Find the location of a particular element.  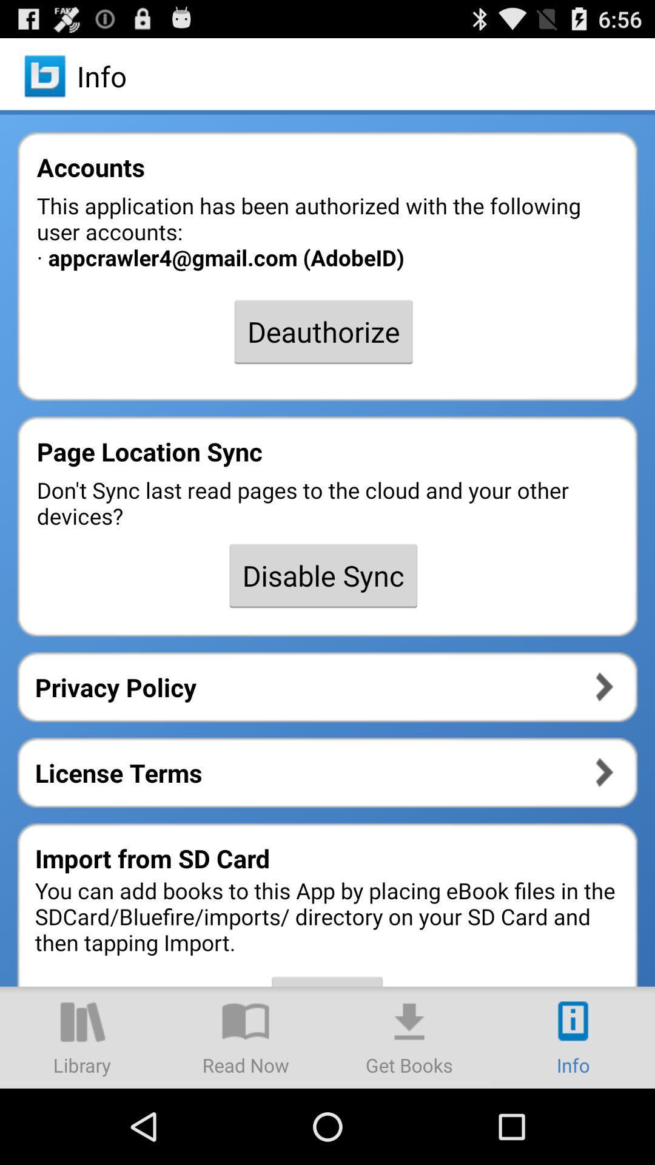

app above the page location sync icon is located at coordinates (323, 331).